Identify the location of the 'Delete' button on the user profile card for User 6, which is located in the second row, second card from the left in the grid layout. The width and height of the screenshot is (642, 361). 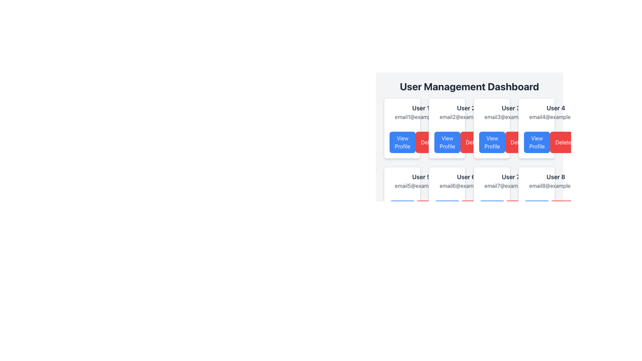
(447, 197).